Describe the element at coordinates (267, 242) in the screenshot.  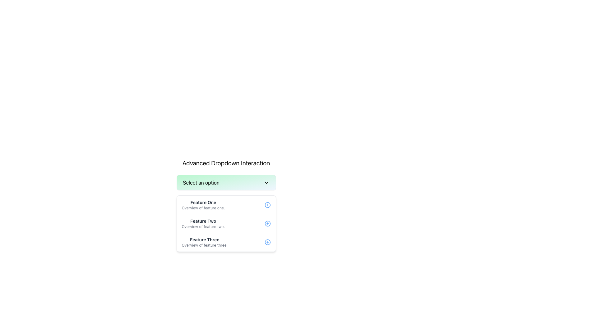
I see `the button located at the far right side of the 'Feature Three' row, next to the text 'Overview of feature three.'` at that location.